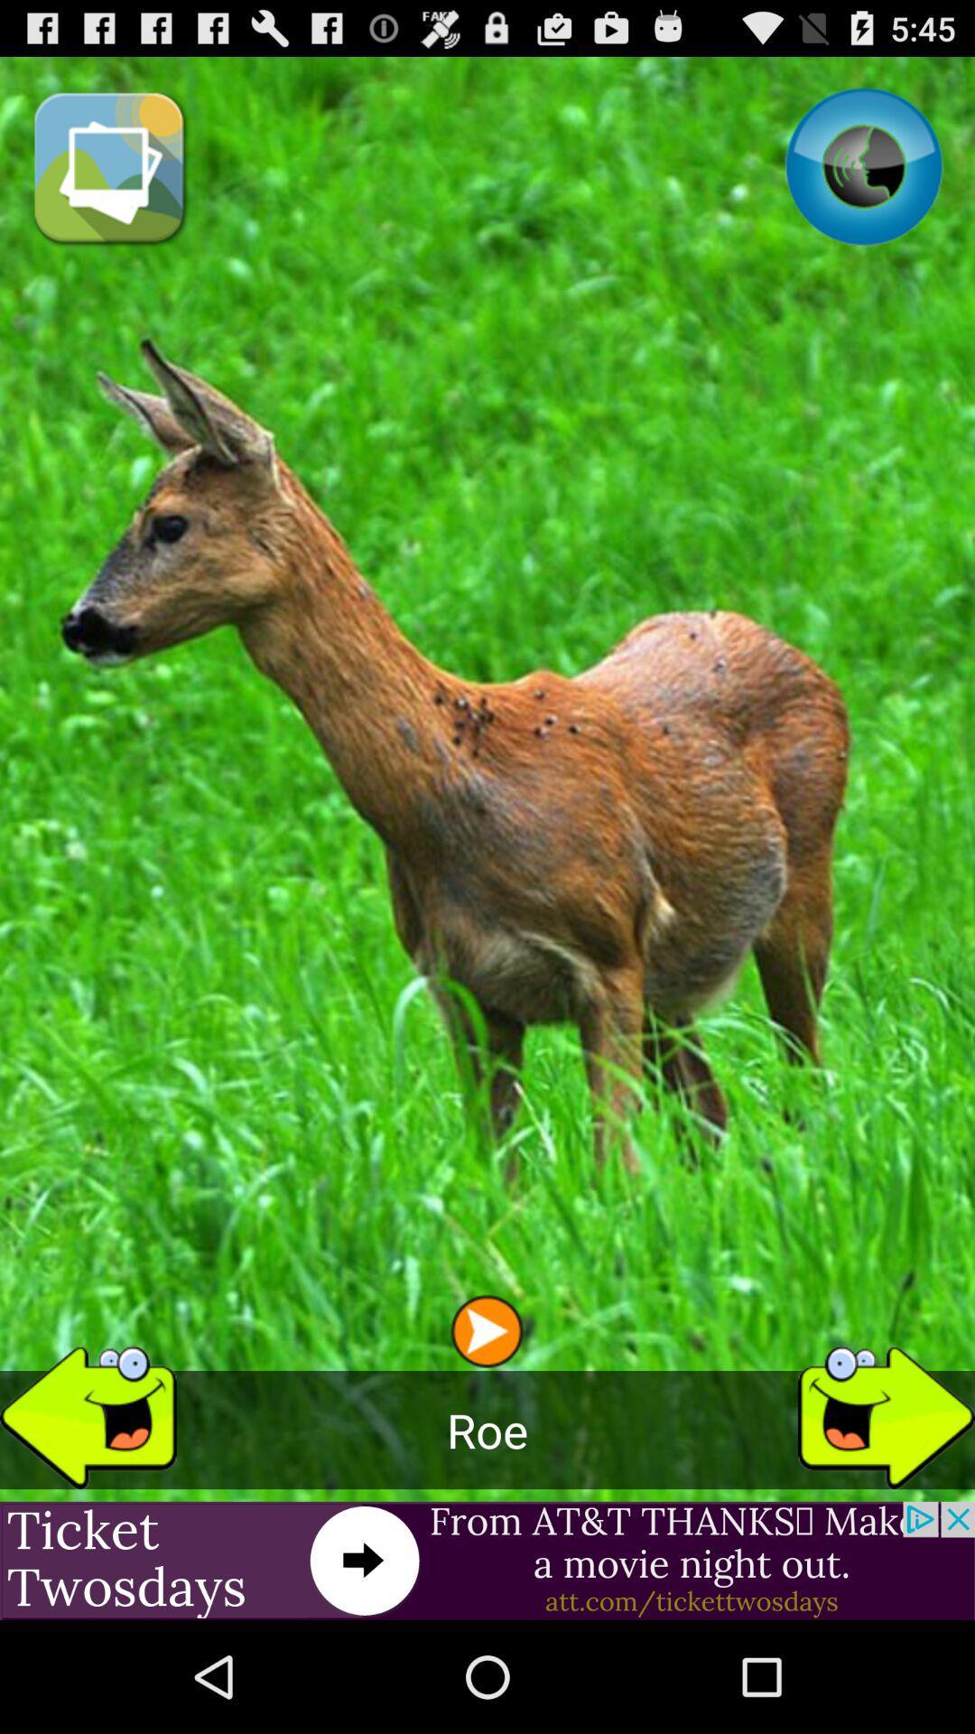 Image resolution: width=975 pixels, height=1734 pixels. Describe the element at coordinates (110, 167) in the screenshot. I see `the item at the top left corner` at that location.